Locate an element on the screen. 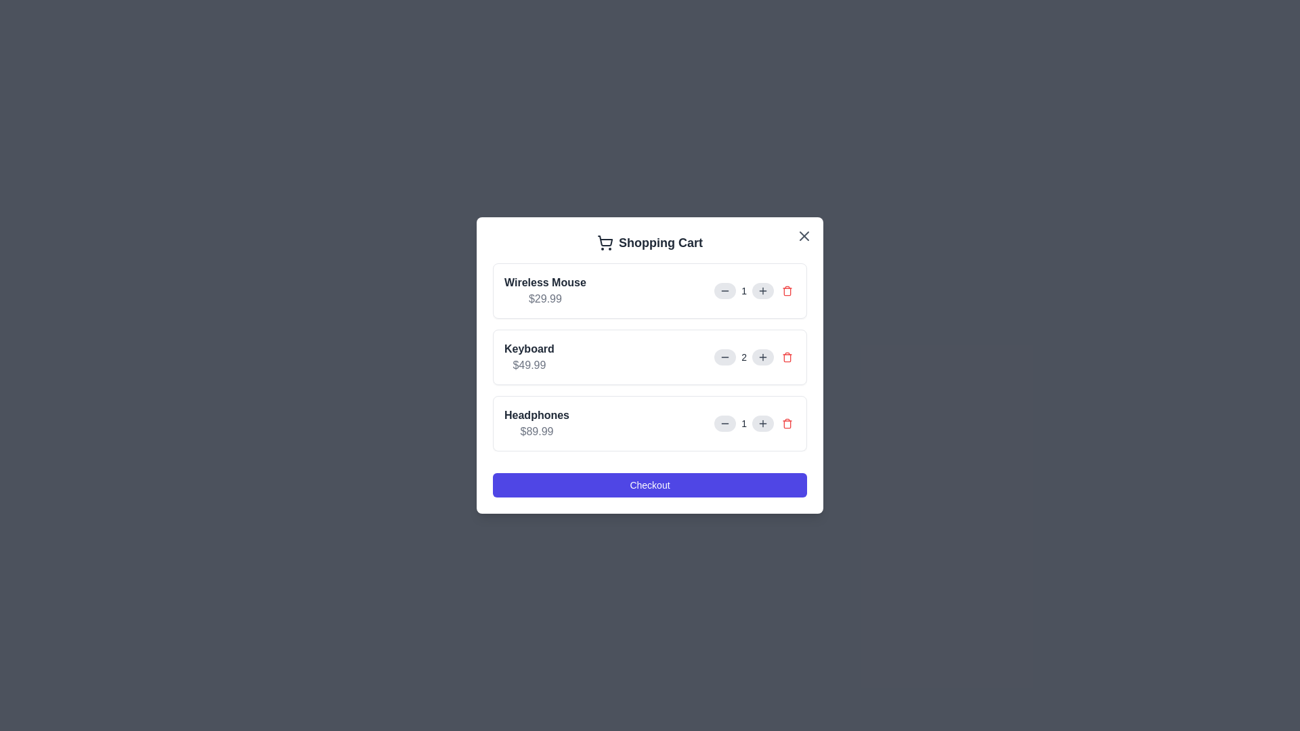  the red trash bin icon located at the far right of the quantity adjustment buttons in the first item's row of the shopping cart interface is located at coordinates (787, 290).